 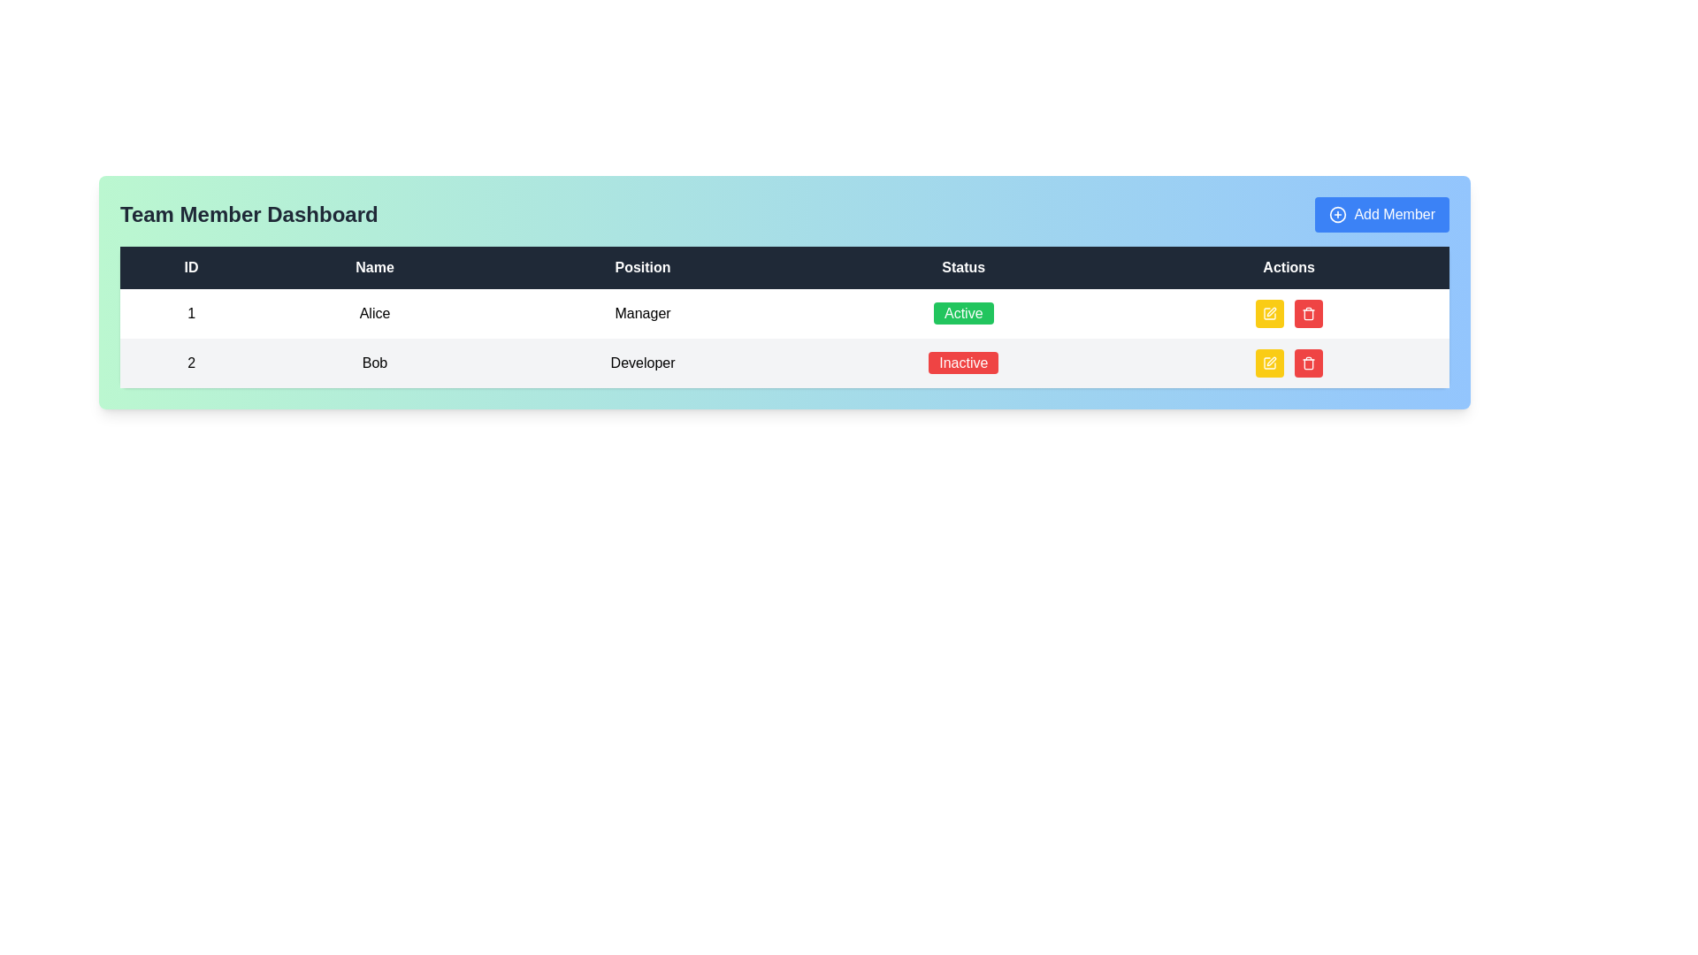 What do you see at coordinates (373, 268) in the screenshot?
I see `the 'Name' header of the table, which is positioned as the second header between 'ID' and 'Position'` at bounding box center [373, 268].